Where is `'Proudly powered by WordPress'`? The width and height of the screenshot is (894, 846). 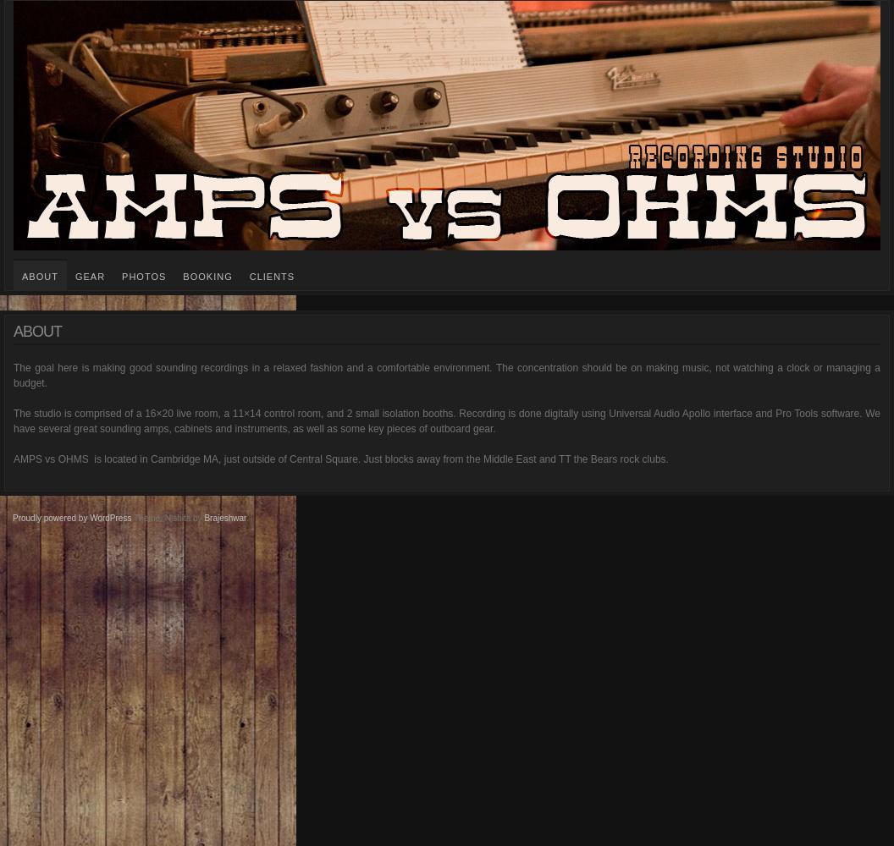
'Proudly powered by WordPress' is located at coordinates (71, 517).